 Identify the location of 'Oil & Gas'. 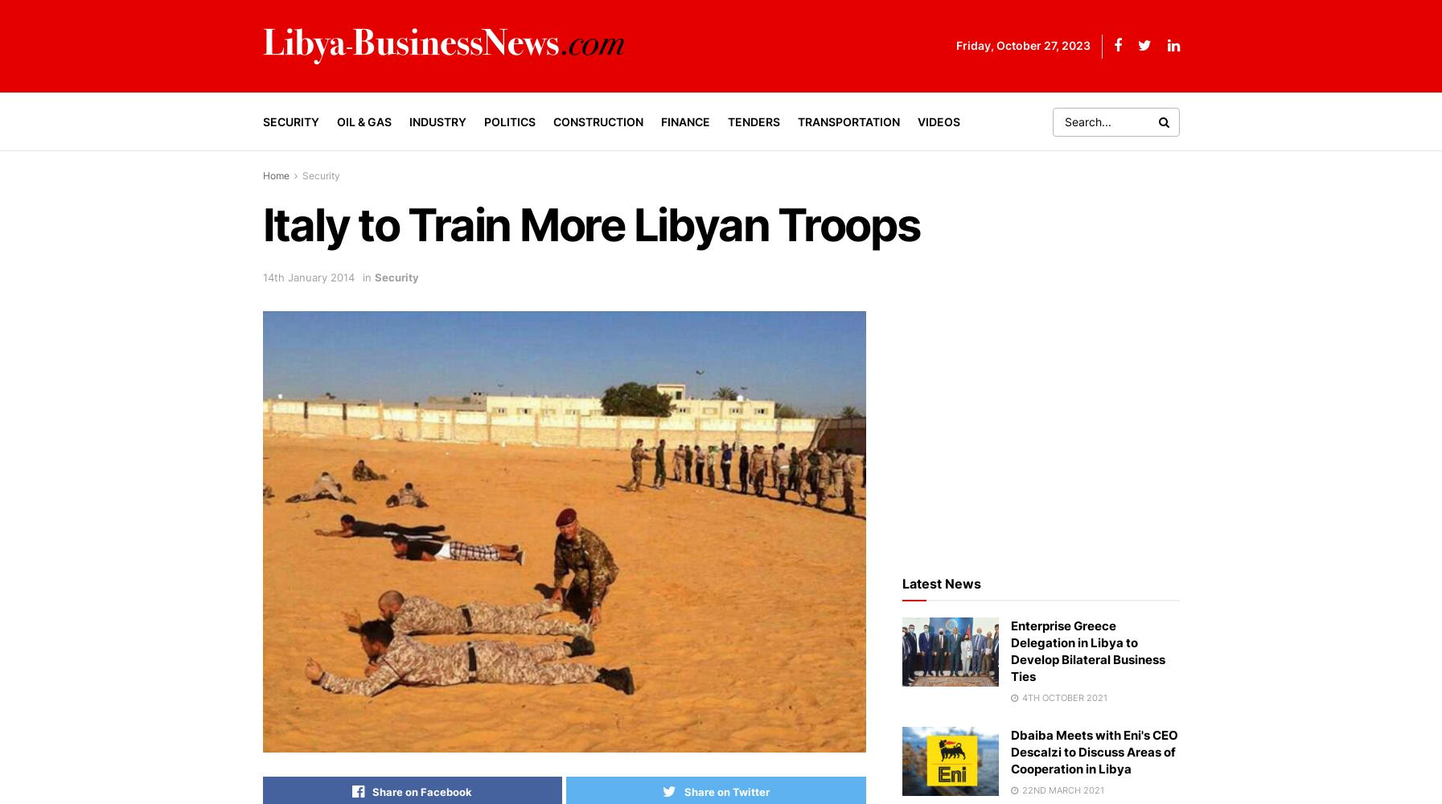
(363, 121).